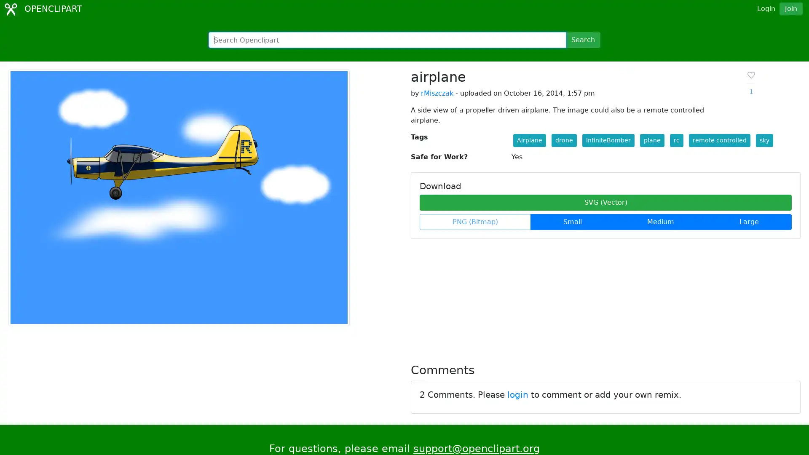 The width and height of the screenshot is (809, 455). Describe the element at coordinates (749, 222) in the screenshot. I see `Large` at that location.